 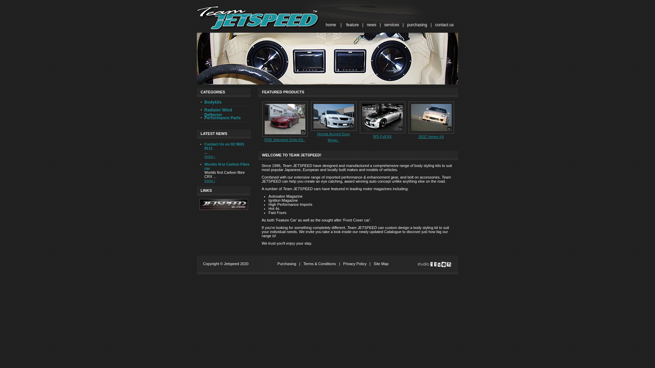 I want to click on 'Performance Parts', so click(x=224, y=118).